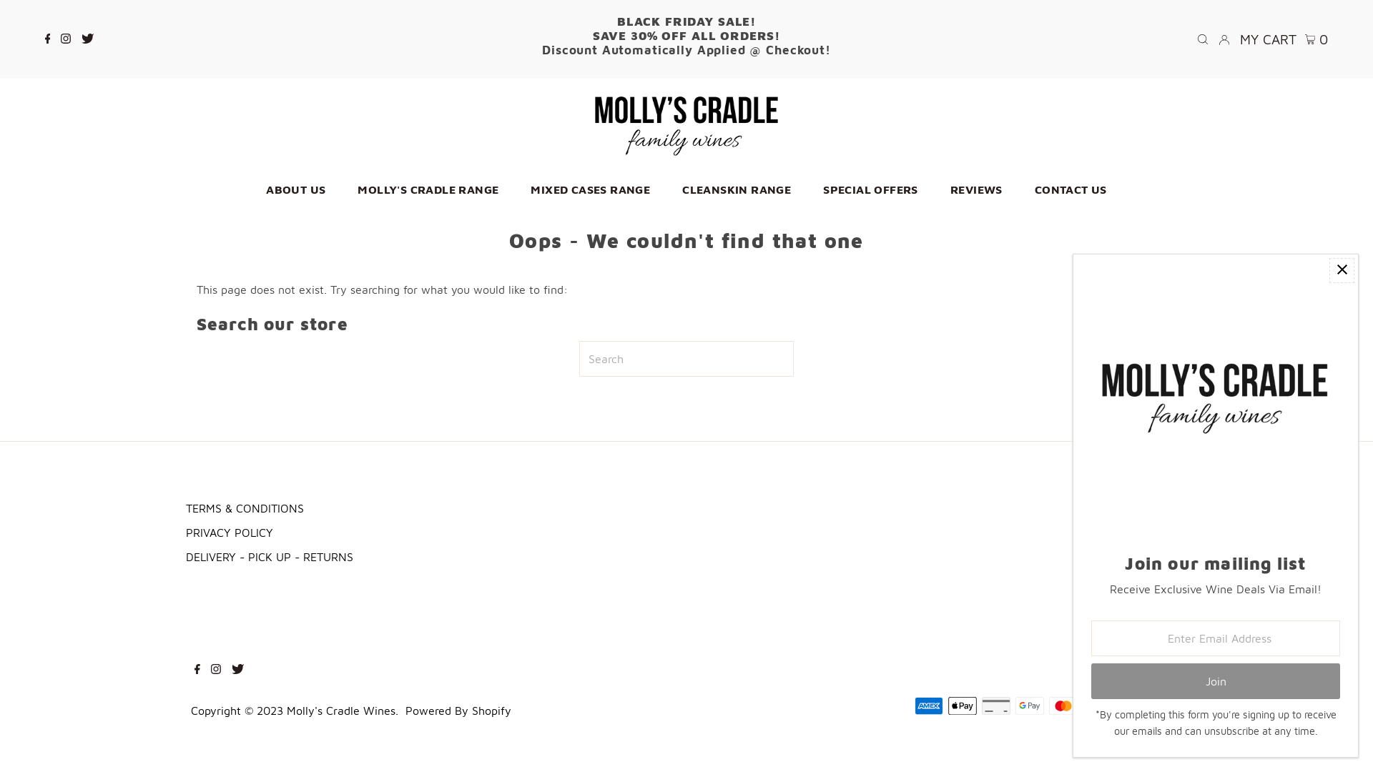  I want to click on 'ABOUT US', so click(295, 189).